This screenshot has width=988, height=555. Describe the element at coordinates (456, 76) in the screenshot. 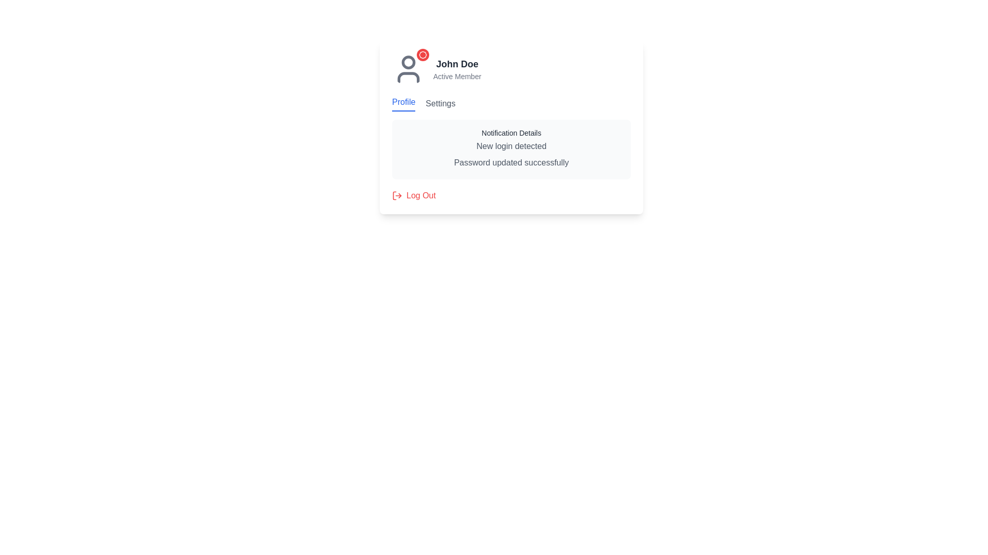

I see `text label displaying 'Active Member' located directly beneath the bolded name 'John Doe'` at that location.